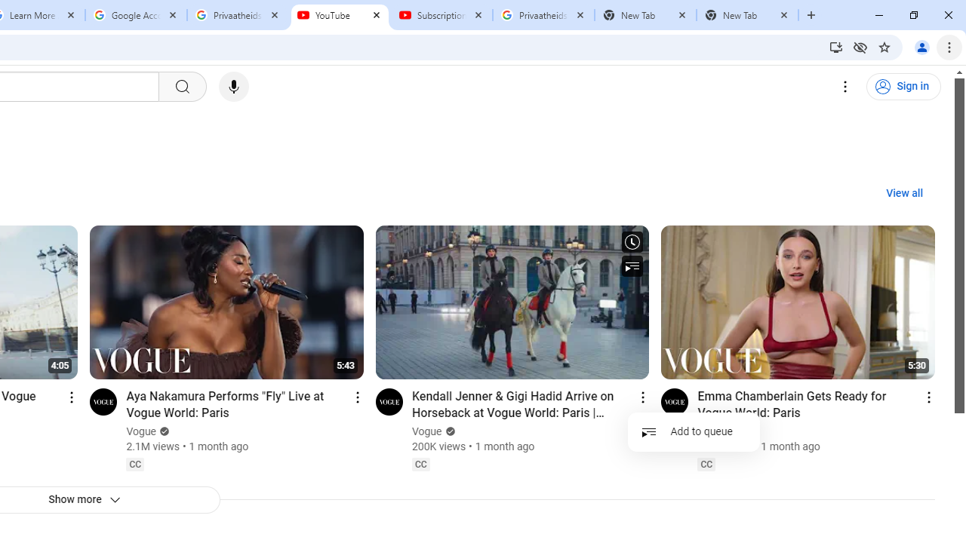 Image resolution: width=966 pixels, height=543 pixels. What do you see at coordinates (845, 87) in the screenshot?
I see `'Settings'` at bounding box center [845, 87].